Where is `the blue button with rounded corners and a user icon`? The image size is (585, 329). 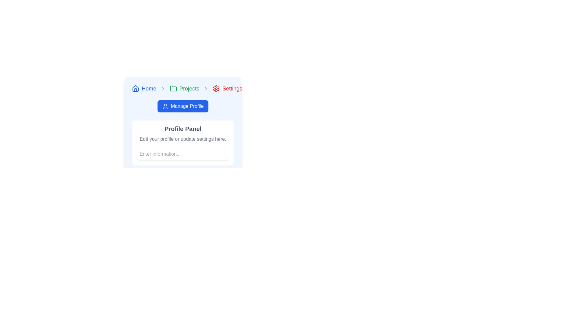 the blue button with rounded corners and a user icon is located at coordinates (183, 106).